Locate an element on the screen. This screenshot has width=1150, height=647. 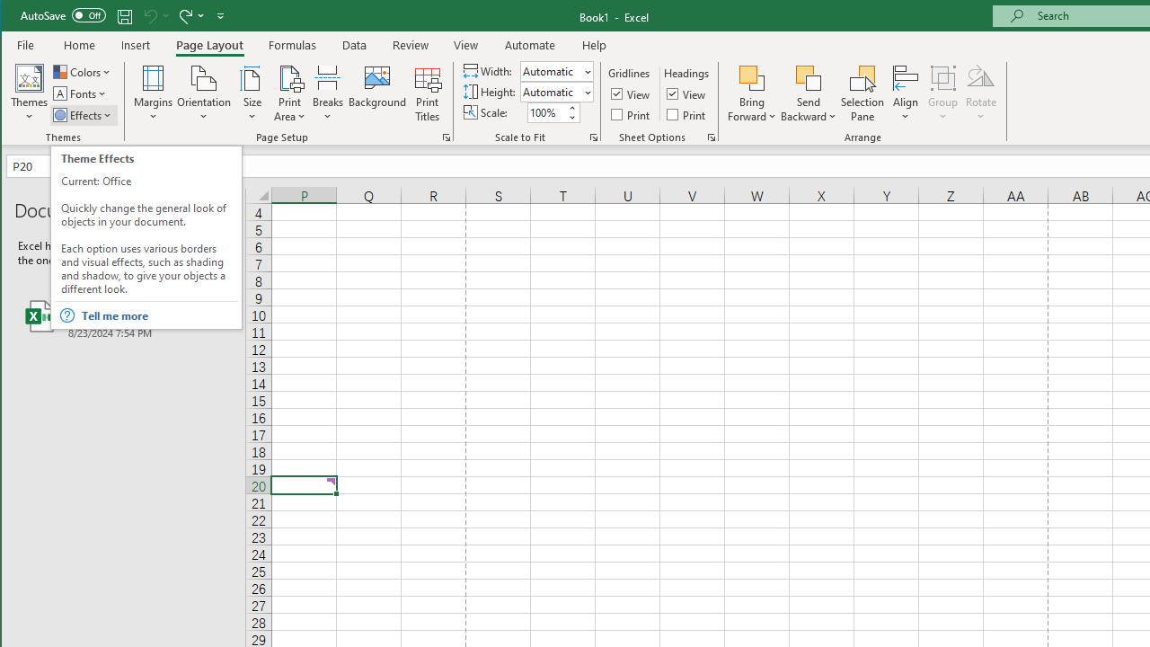
'Orientation' is located at coordinates (204, 93).